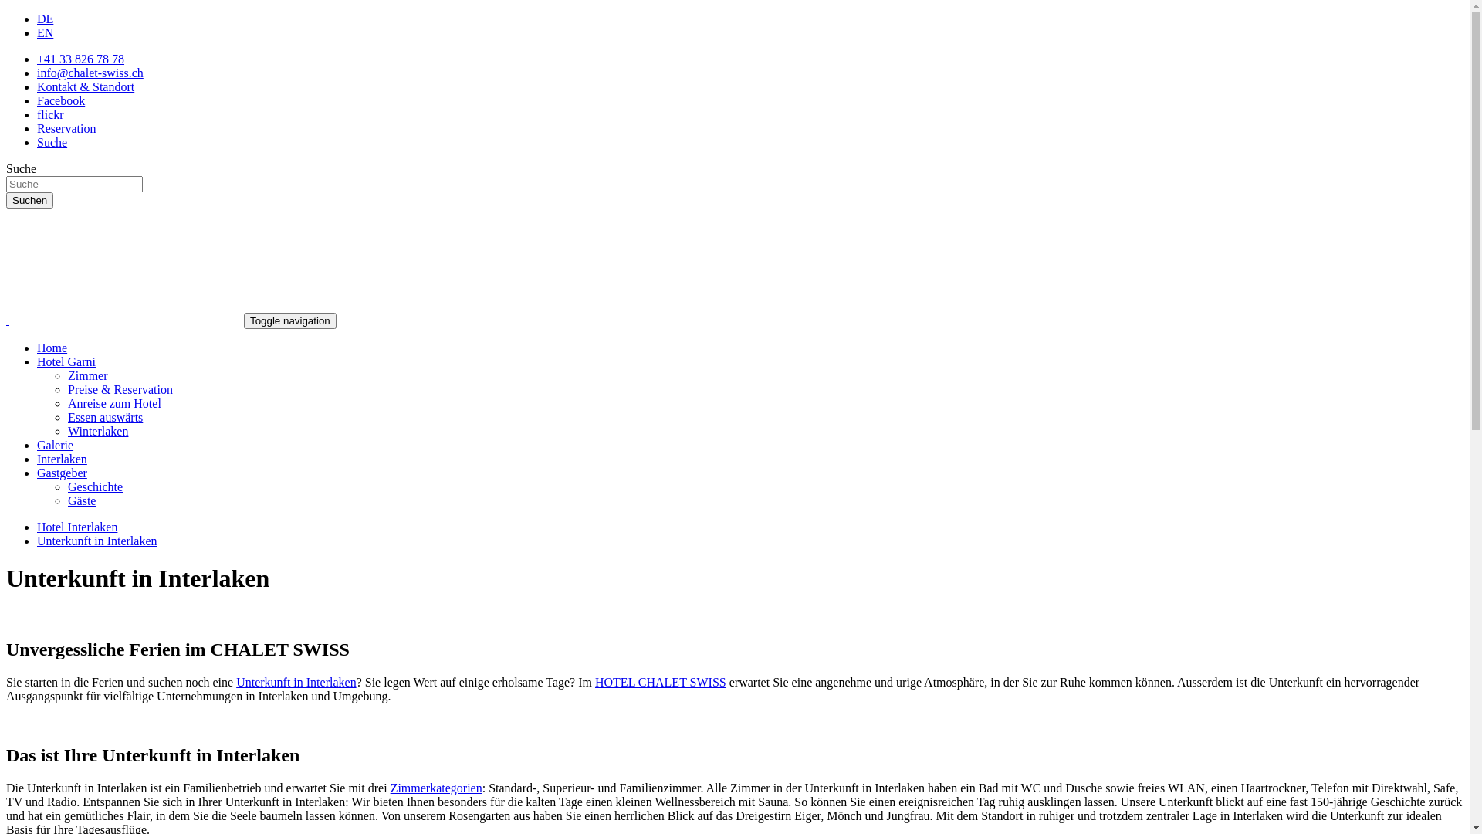  I want to click on 'Toggle navigation', so click(289, 320).